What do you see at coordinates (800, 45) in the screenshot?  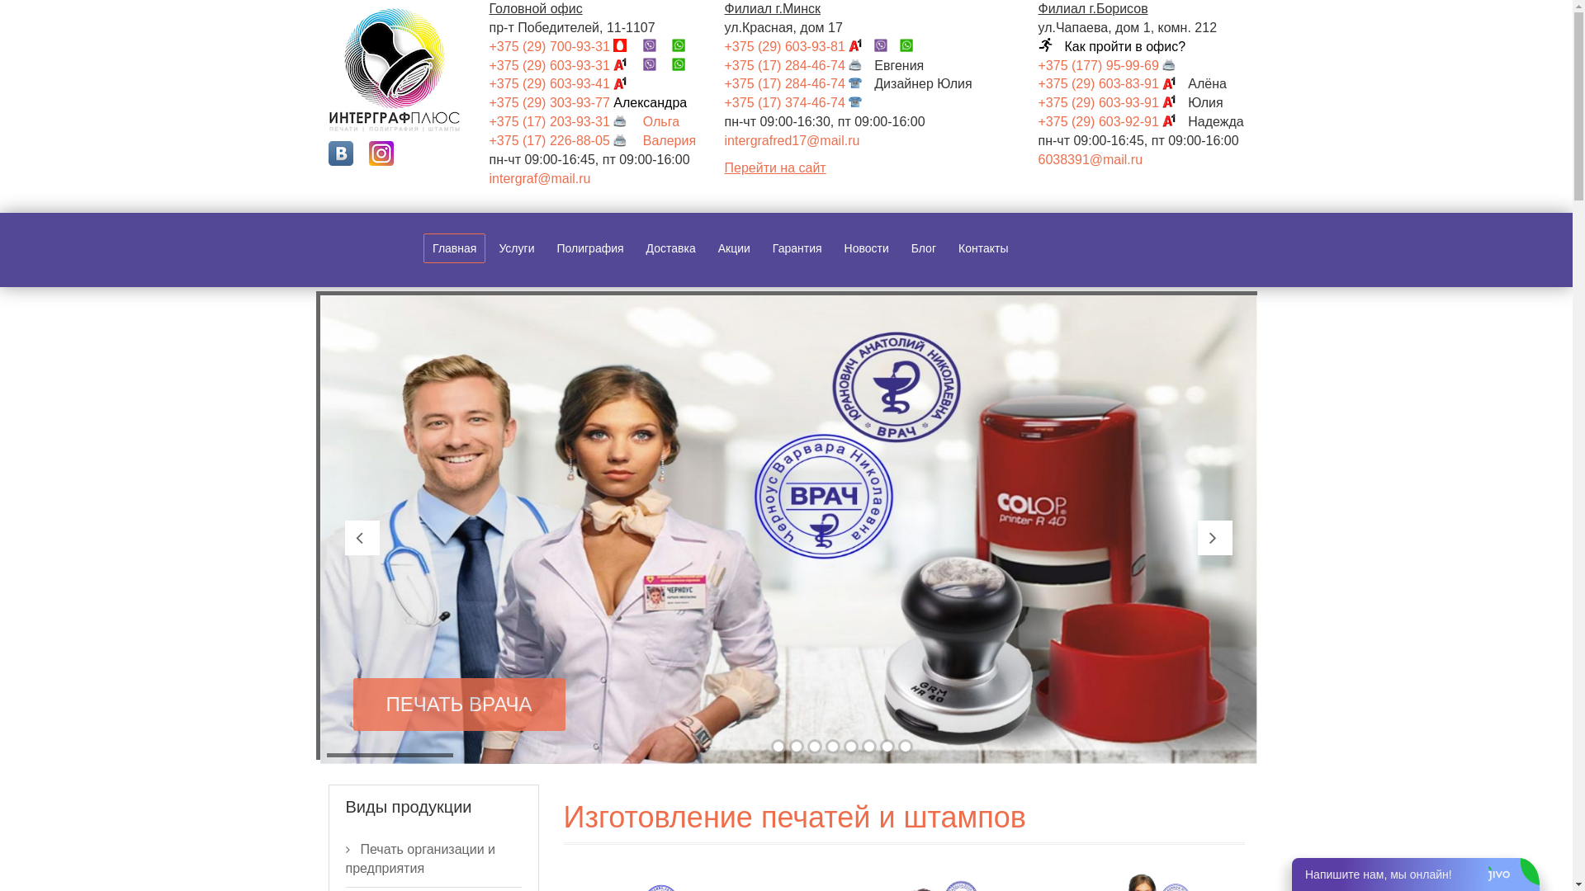 I see `'+375 (29) 603-93-81 '` at bounding box center [800, 45].